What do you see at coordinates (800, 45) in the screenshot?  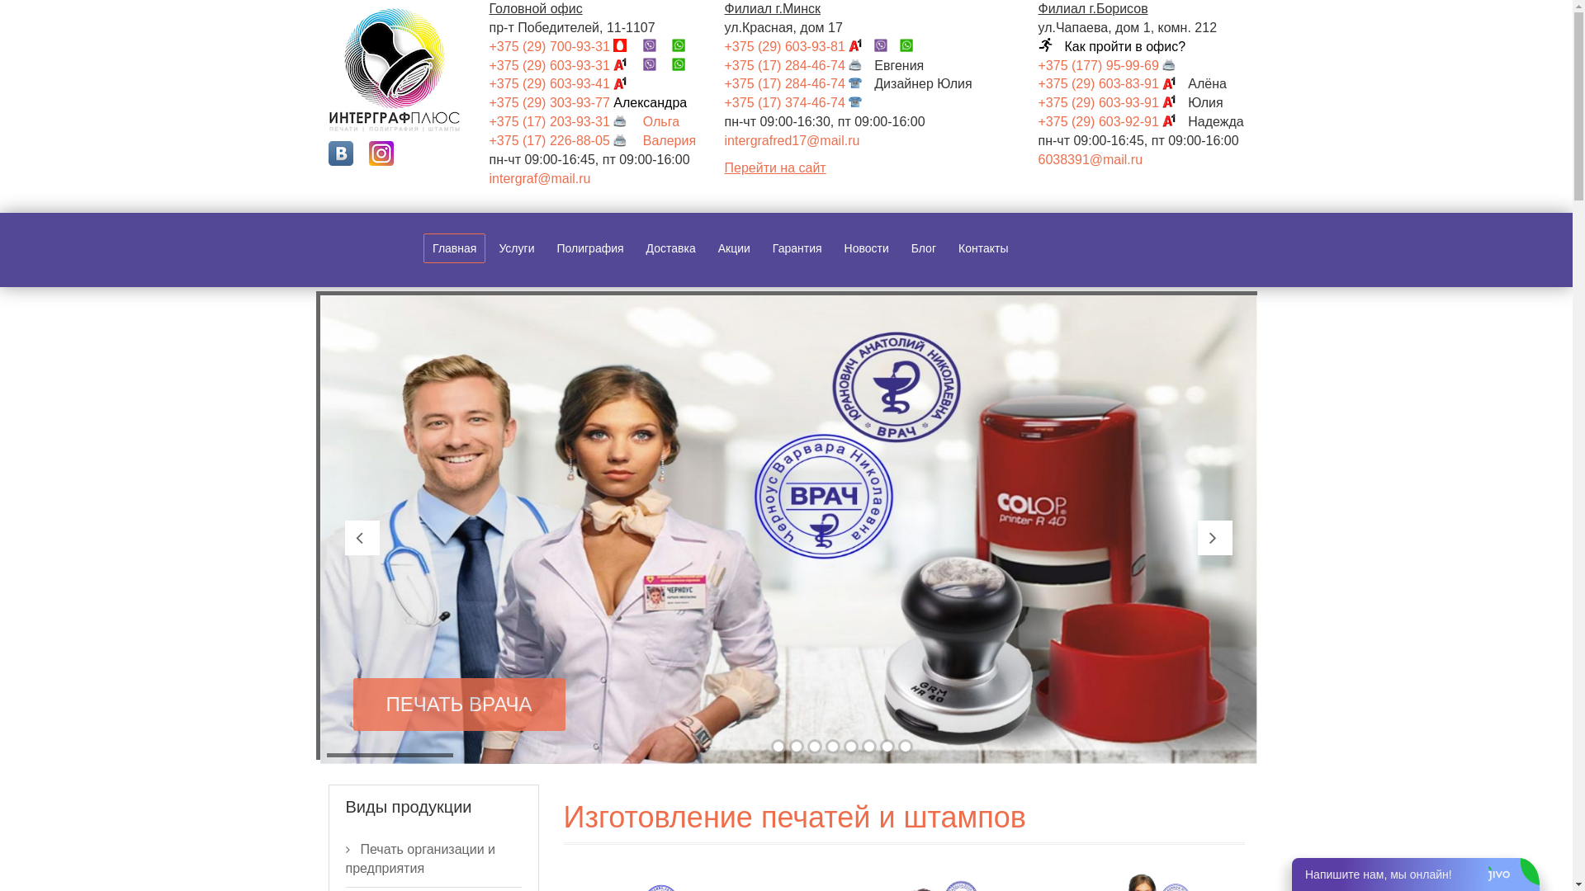 I see `'+375 (29) 603-93-81 '` at bounding box center [800, 45].